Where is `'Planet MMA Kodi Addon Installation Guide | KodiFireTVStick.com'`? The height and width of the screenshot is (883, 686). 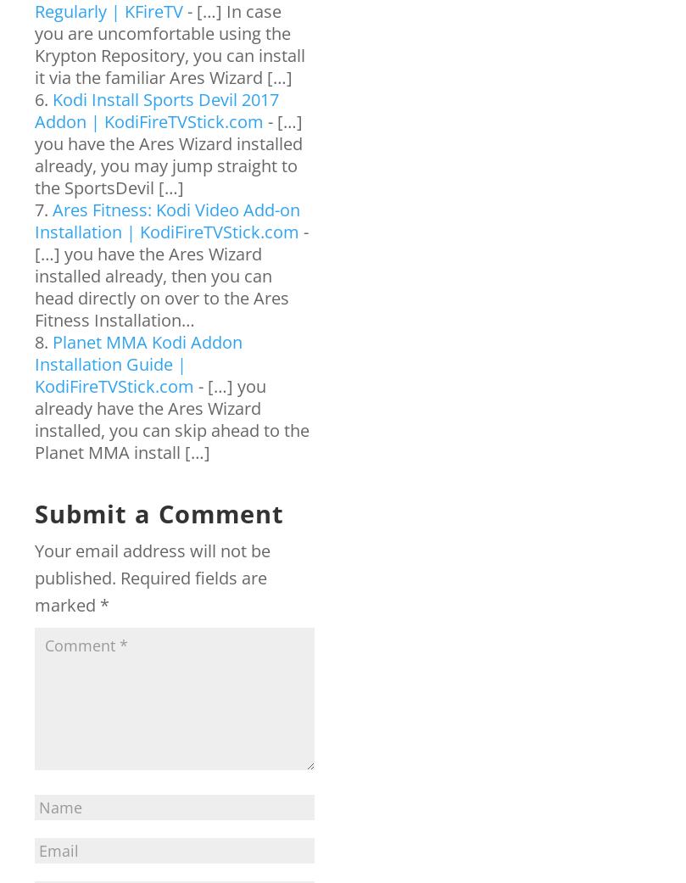 'Planet MMA Kodi Addon Installation Guide | KodiFireTVStick.com' is located at coordinates (137, 362).